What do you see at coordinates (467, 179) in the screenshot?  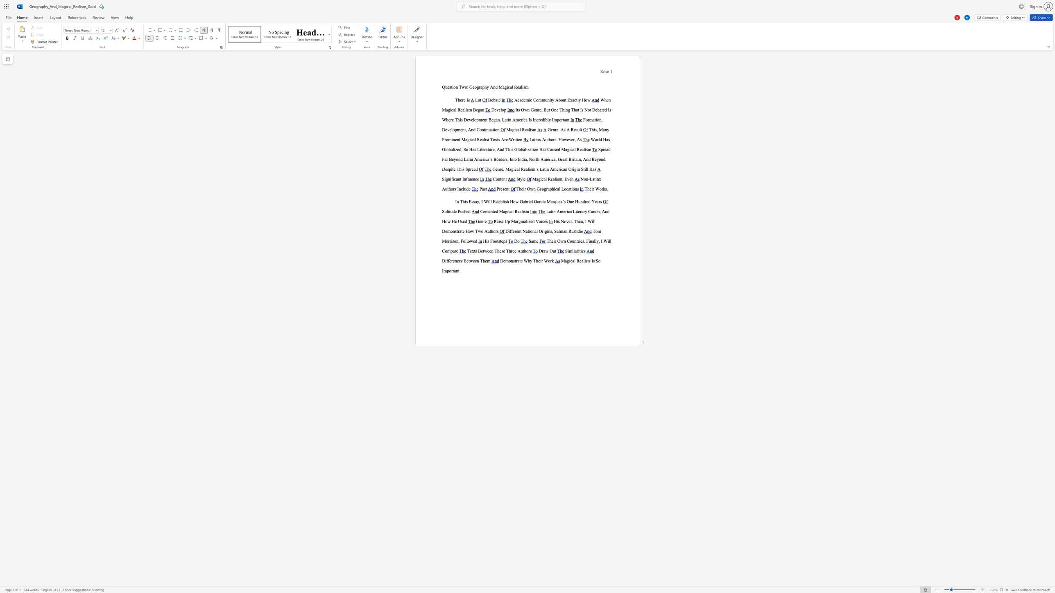 I see `the subset text "lu" within the text "Significant Influence"` at bounding box center [467, 179].